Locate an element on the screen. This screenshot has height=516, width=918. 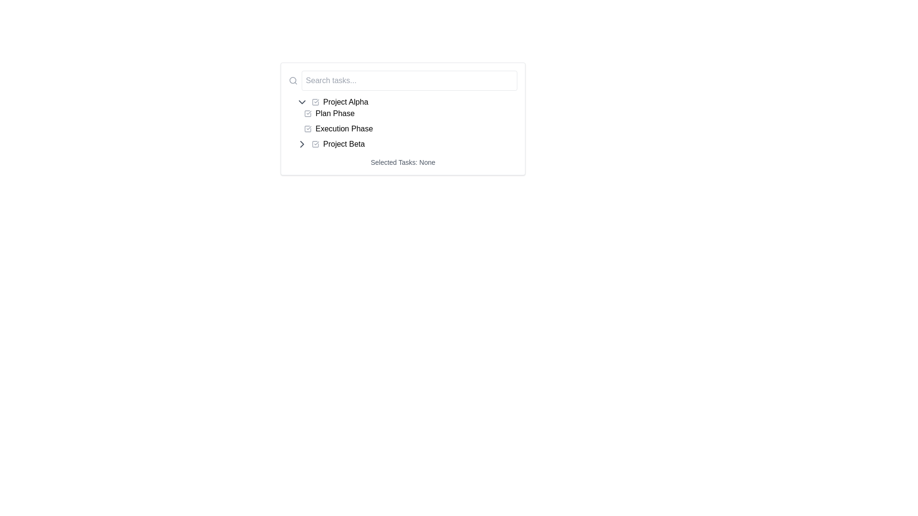
the static text label that indicates an empty state or feedback for no selected tasks, positioned at the bottom of the project interface section and centrally aligned horizontally is located at coordinates (403, 161).